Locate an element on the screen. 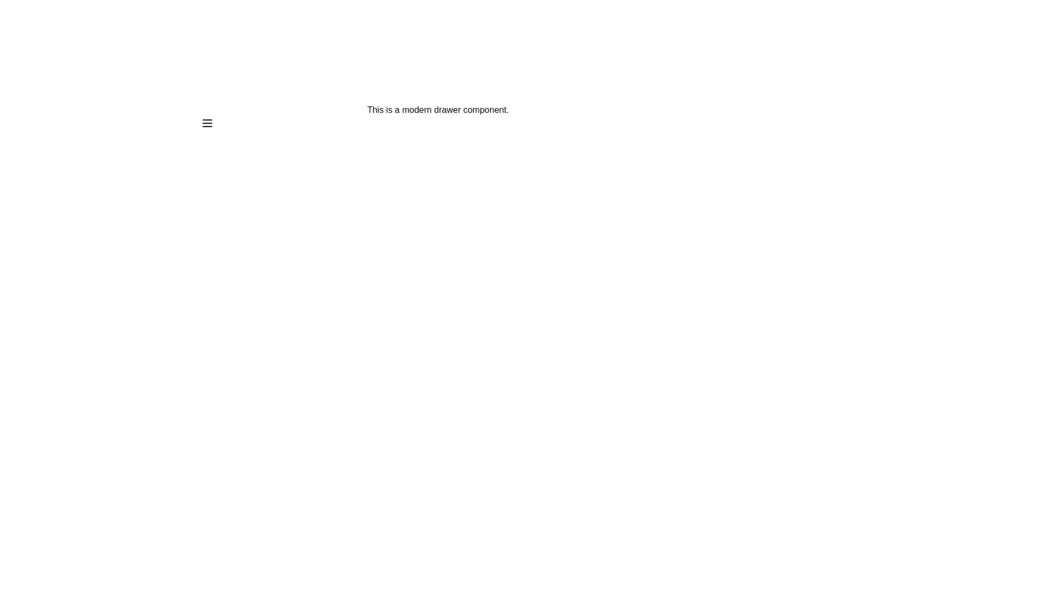  the descriptive text to open the context menu is located at coordinates (438, 116).